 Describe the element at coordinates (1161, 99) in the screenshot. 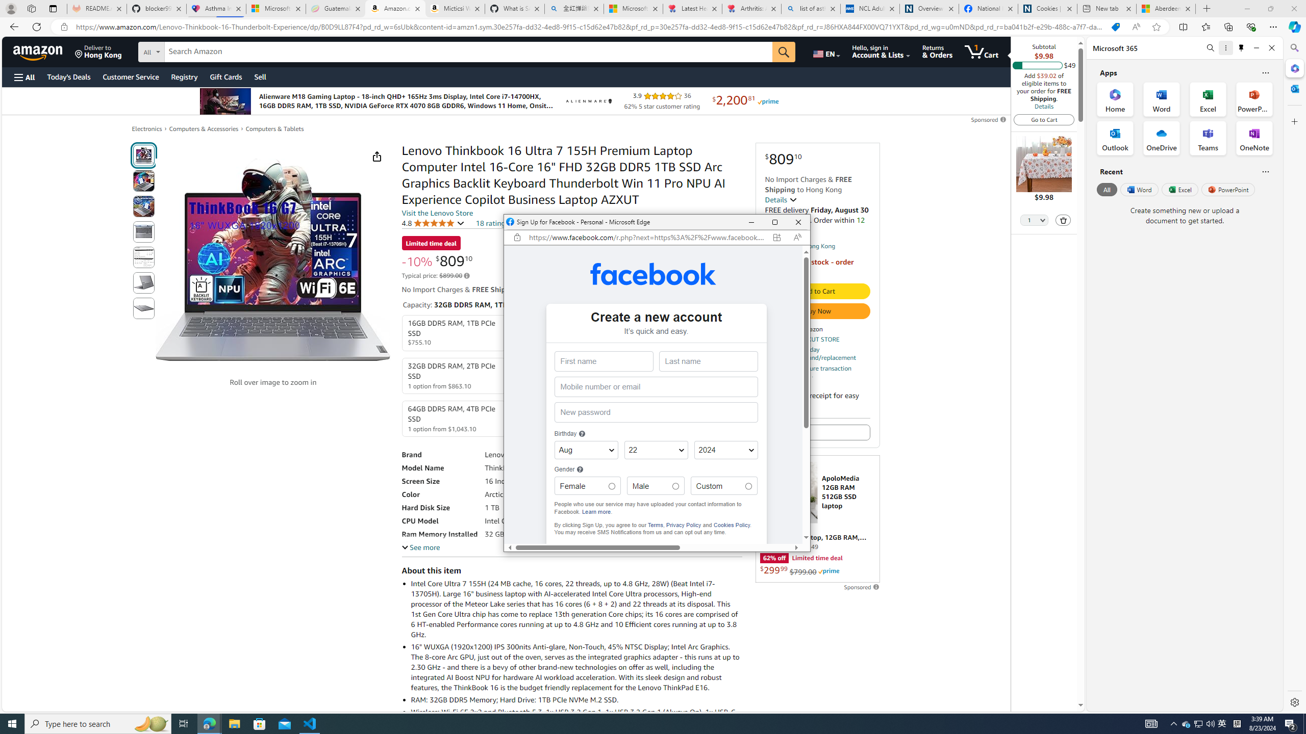

I see `'Word Office App'` at that location.